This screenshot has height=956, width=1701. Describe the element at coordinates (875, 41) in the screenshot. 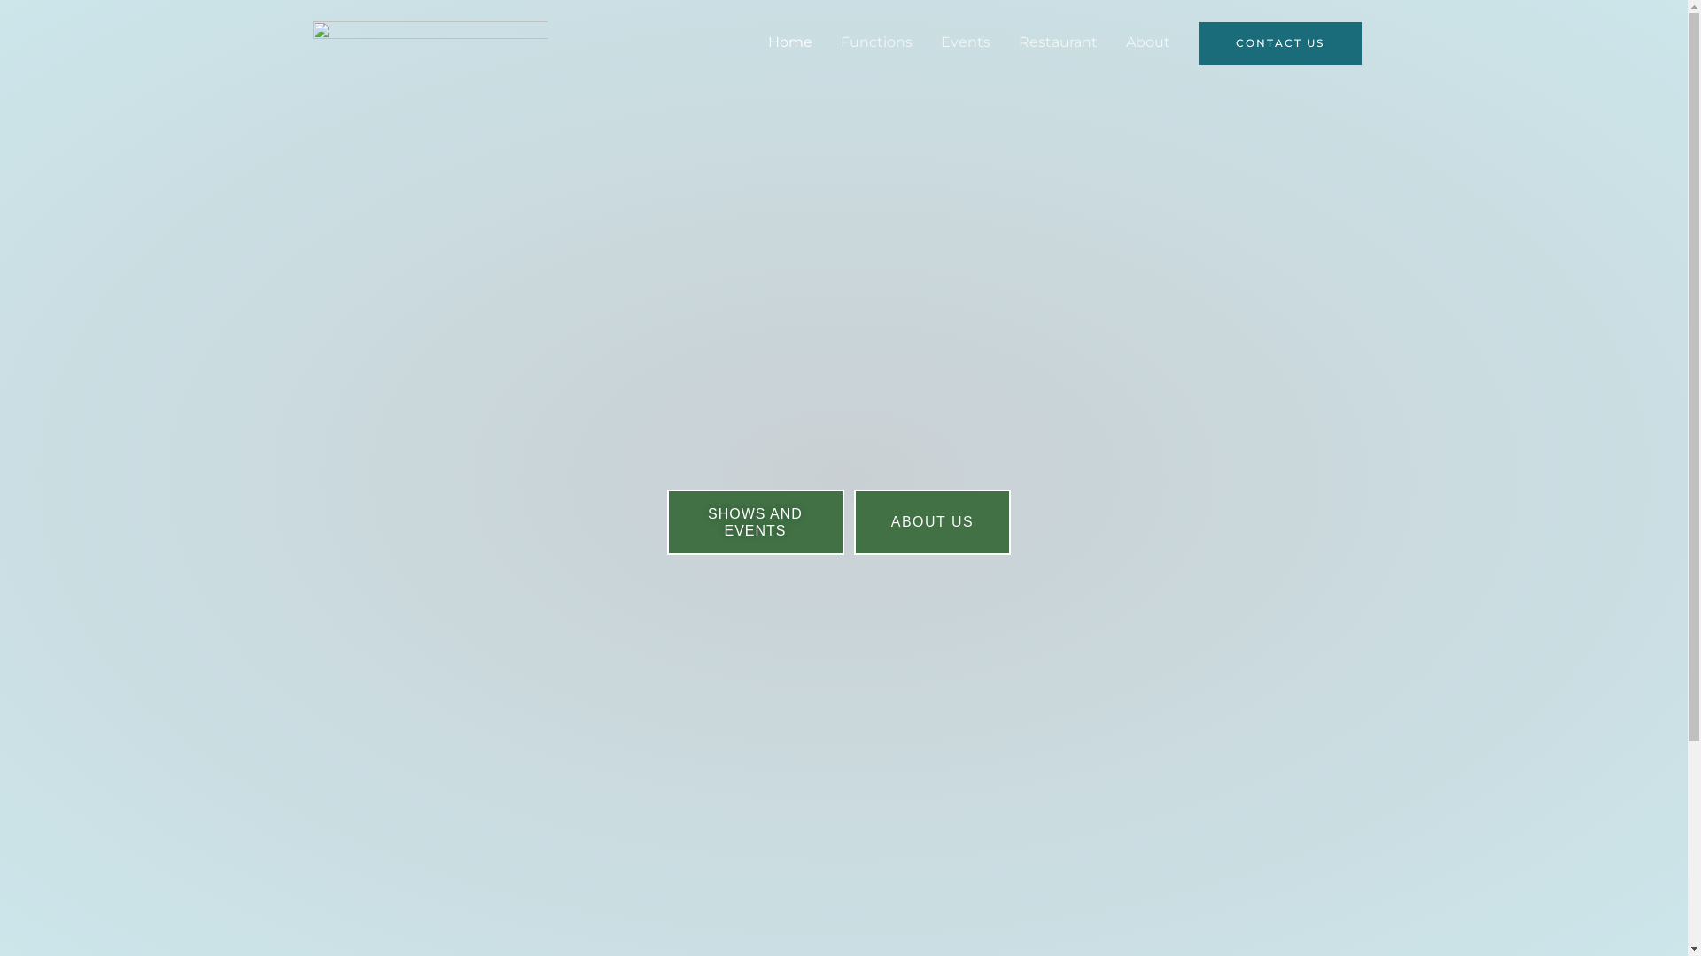

I see `'Functions'` at that location.